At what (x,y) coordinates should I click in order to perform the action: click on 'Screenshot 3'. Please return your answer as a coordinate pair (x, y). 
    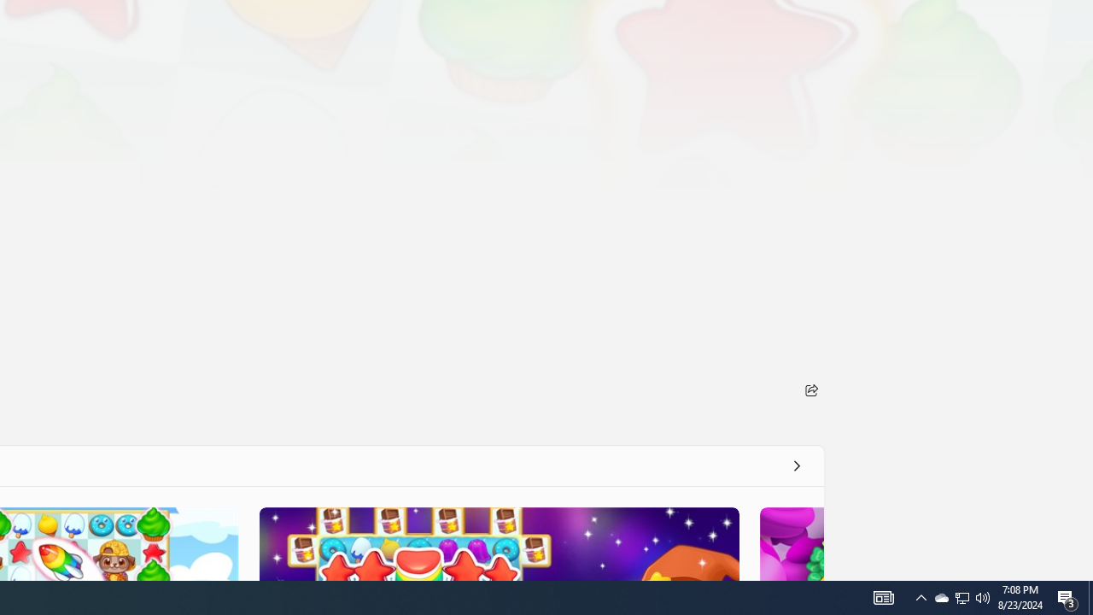
    Looking at the image, I should click on (498, 543).